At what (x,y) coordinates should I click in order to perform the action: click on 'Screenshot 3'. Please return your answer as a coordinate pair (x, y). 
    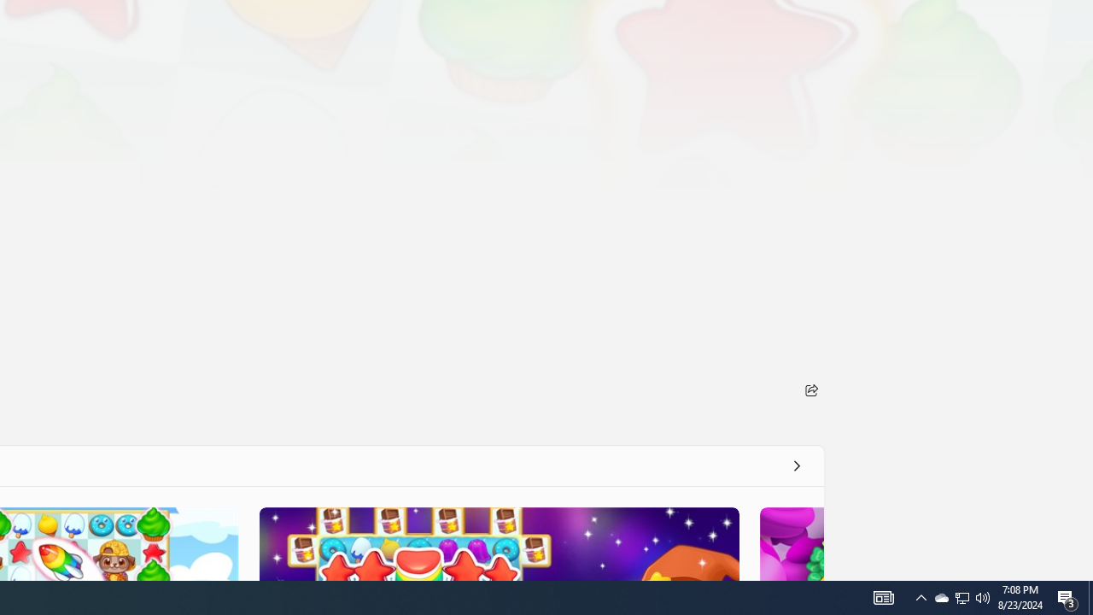
    Looking at the image, I should click on (498, 543).